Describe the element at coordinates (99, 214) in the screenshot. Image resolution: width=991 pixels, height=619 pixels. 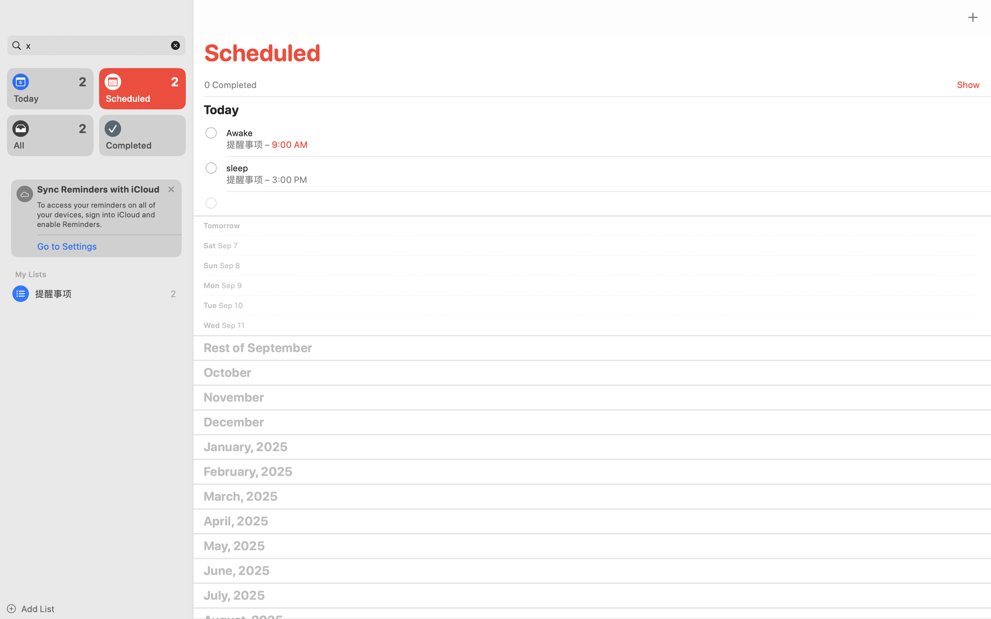
I see `'To access your reminders on all of your devices, sign into iCloud and enable Reminders.'` at that location.